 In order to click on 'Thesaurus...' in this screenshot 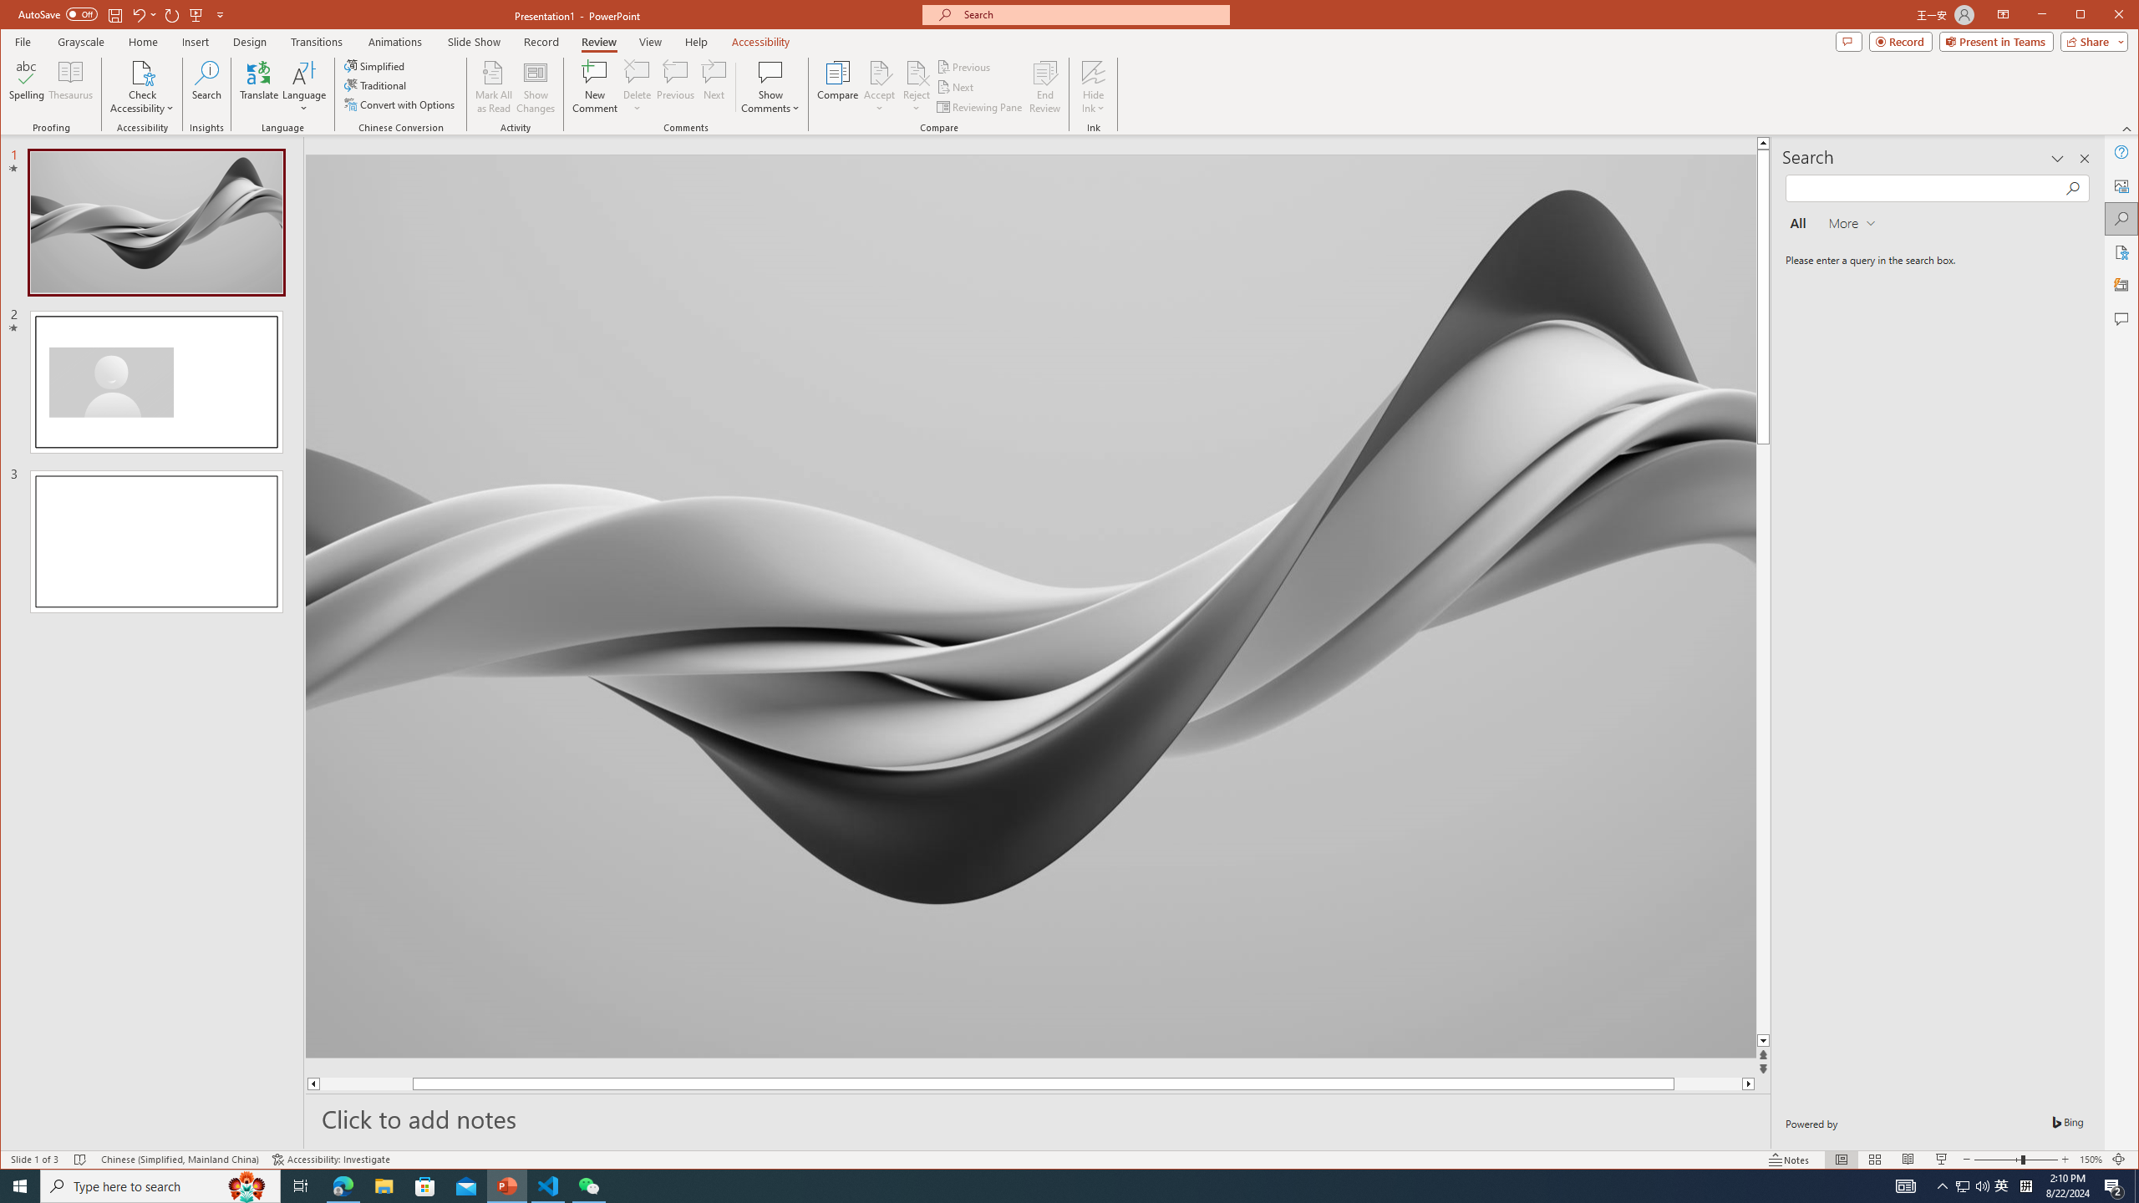, I will do `click(71, 86)`.